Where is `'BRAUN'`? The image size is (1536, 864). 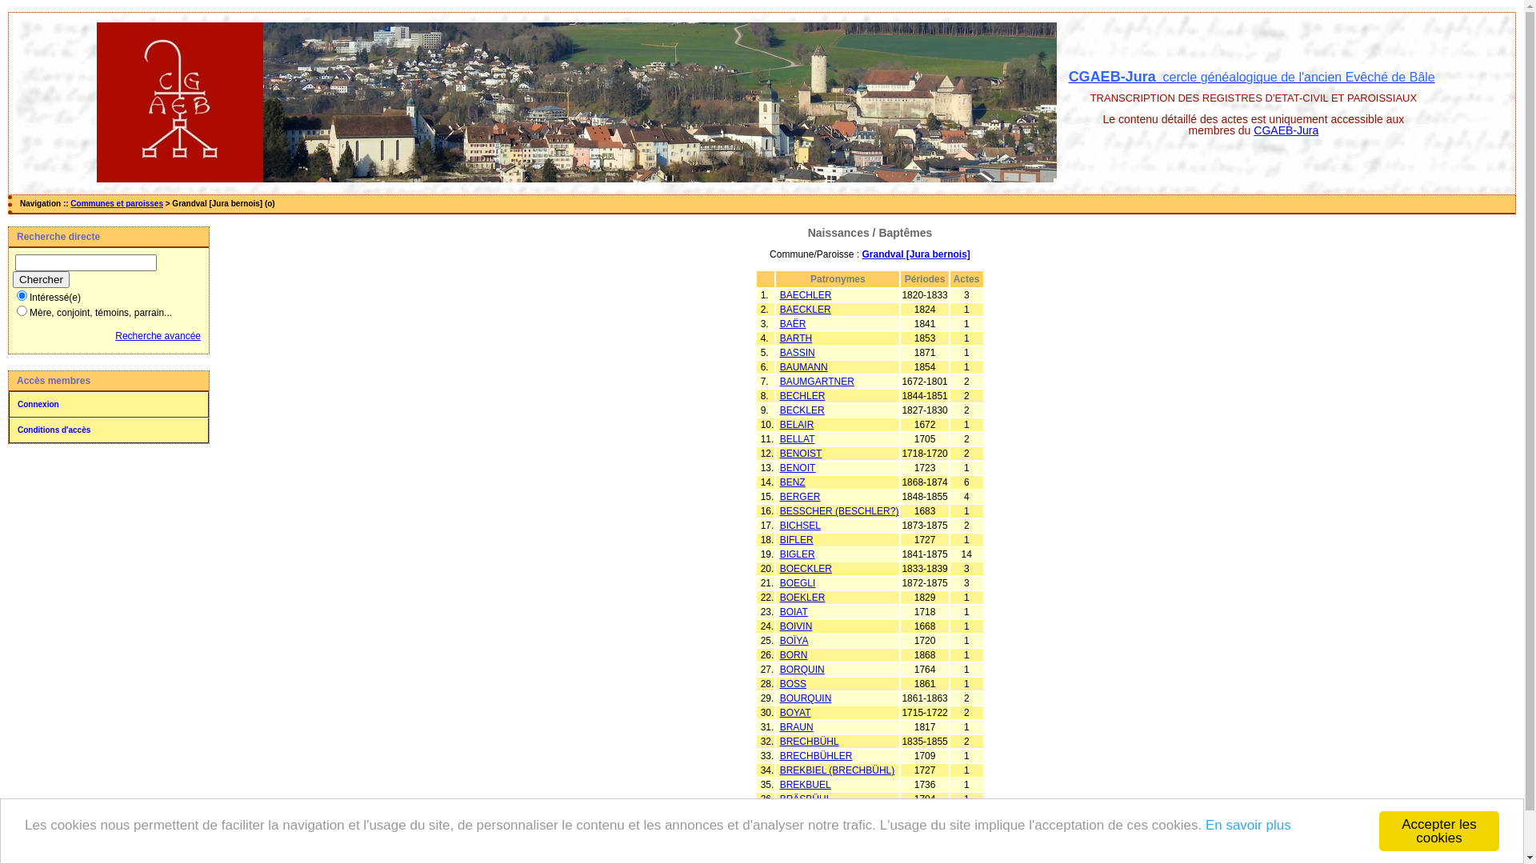
'BRAUN' is located at coordinates (779, 727).